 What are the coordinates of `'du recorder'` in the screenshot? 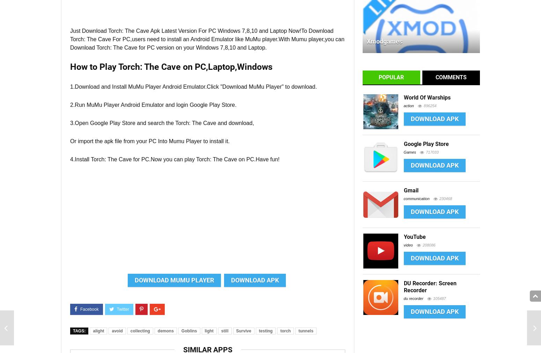 It's located at (413, 299).